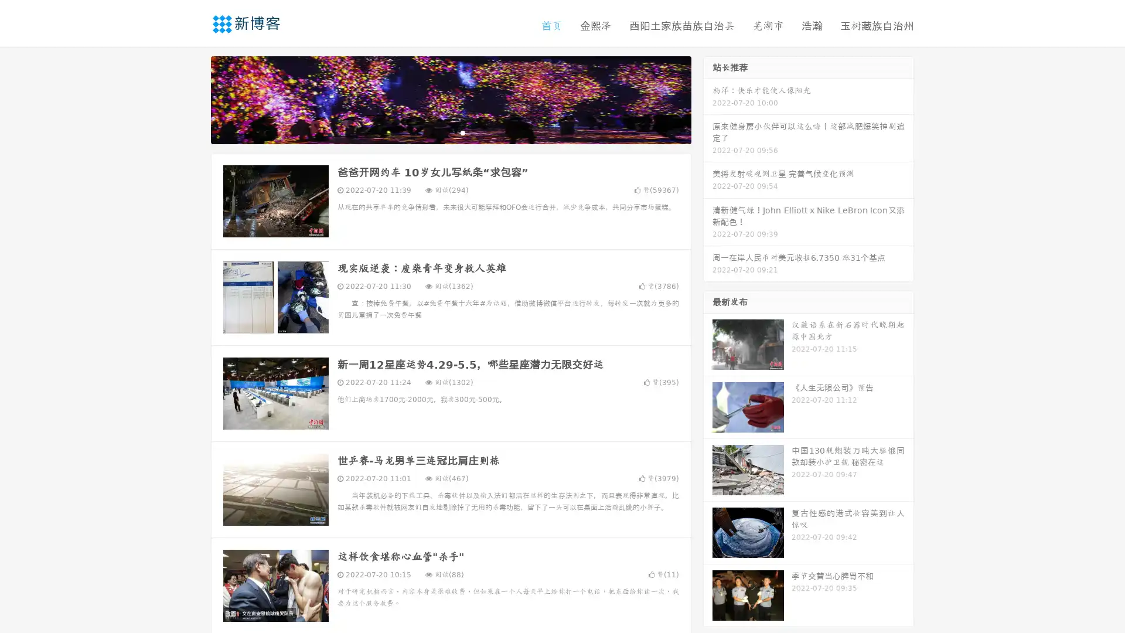 Image resolution: width=1125 pixels, height=633 pixels. What do you see at coordinates (450, 132) in the screenshot?
I see `Go to slide 2` at bounding box center [450, 132].